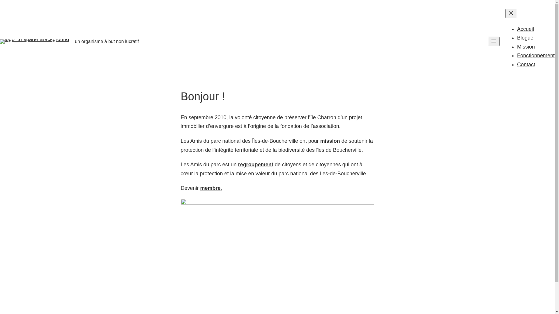 Image resolution: width=559 pixels, height=314 pixels. I want to click on 'Fonctionnement', so click(536, 56).